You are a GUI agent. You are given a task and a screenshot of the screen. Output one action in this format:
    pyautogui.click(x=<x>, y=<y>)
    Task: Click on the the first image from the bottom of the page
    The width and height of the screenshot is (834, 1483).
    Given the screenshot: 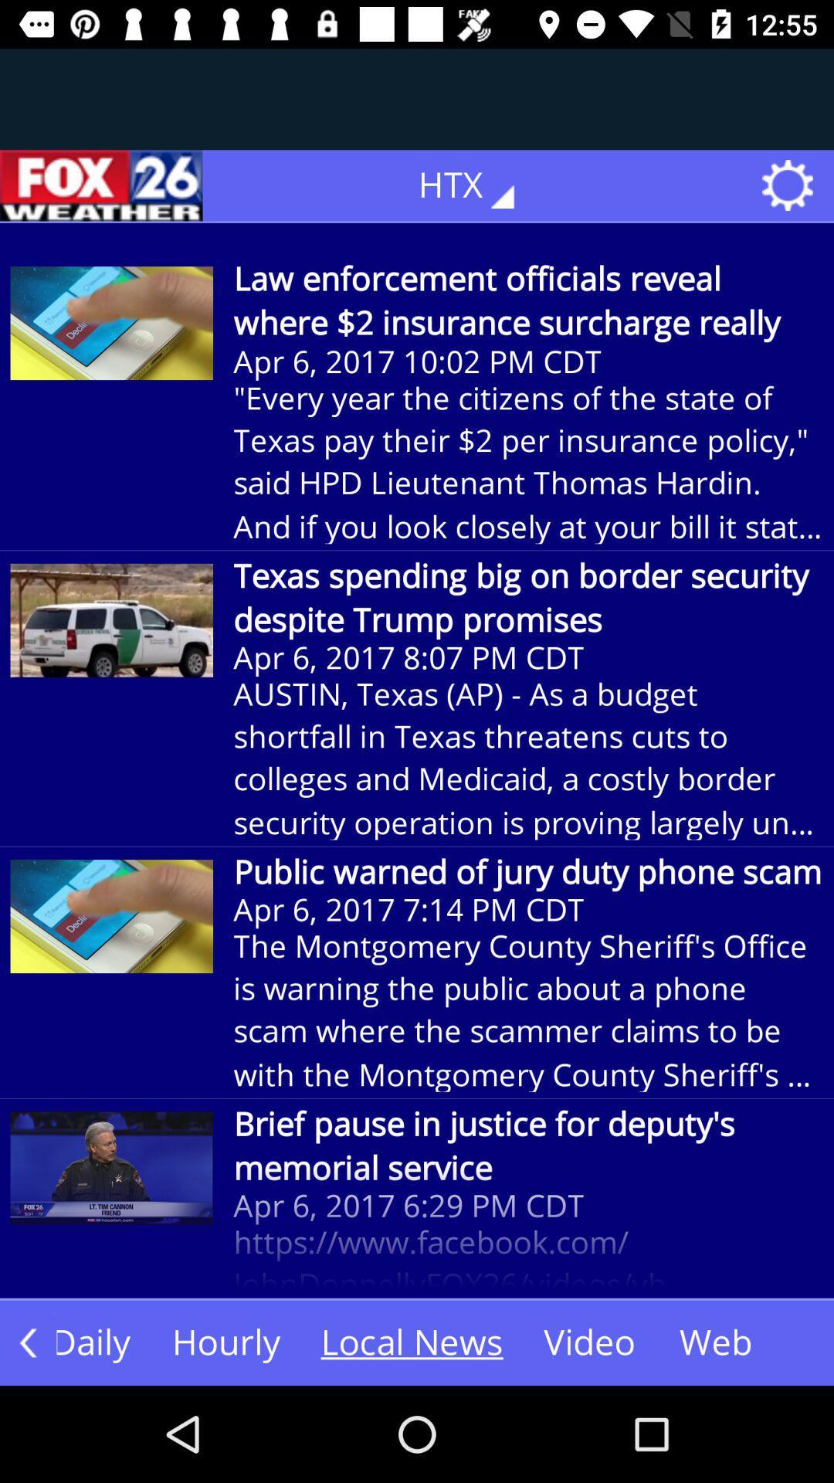 What is the action you would take?
    pyautogui.click(x=111, y=1168)
    